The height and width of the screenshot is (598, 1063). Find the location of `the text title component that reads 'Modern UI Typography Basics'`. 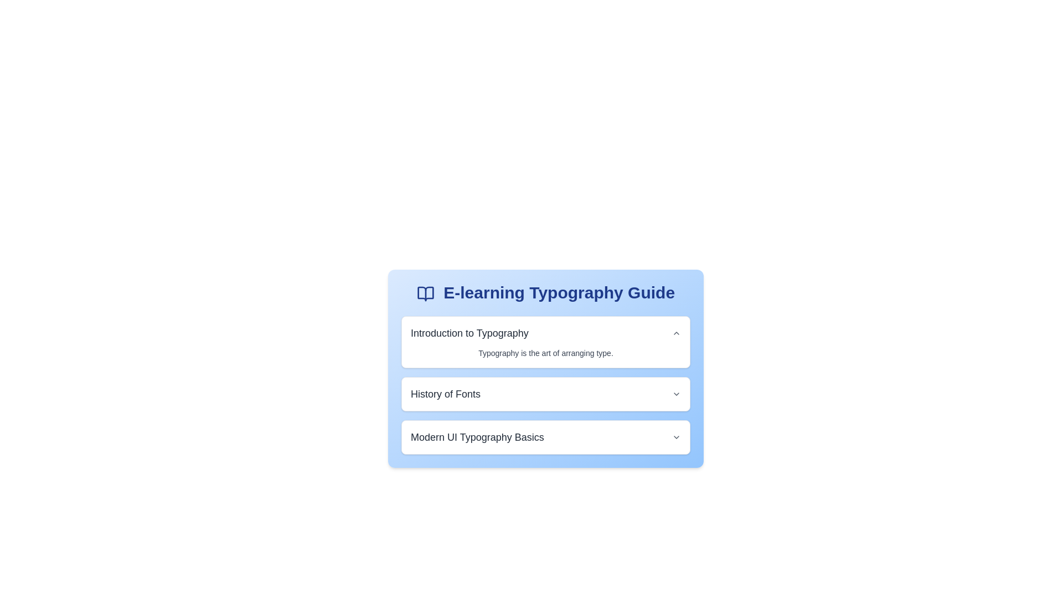

the text title component that reads 'Modern UI Typography Basics' is located at coordinates (477, 437).